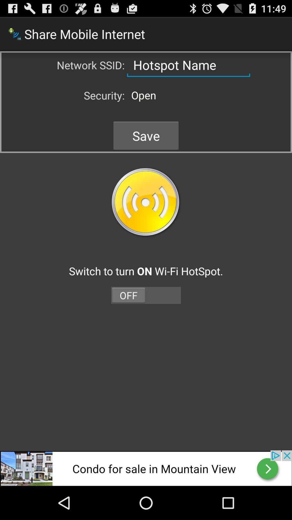  What do you see at coordinates (146, 202) in the screenshot?
I see `wifi on button` at bounding box center [146, 202].